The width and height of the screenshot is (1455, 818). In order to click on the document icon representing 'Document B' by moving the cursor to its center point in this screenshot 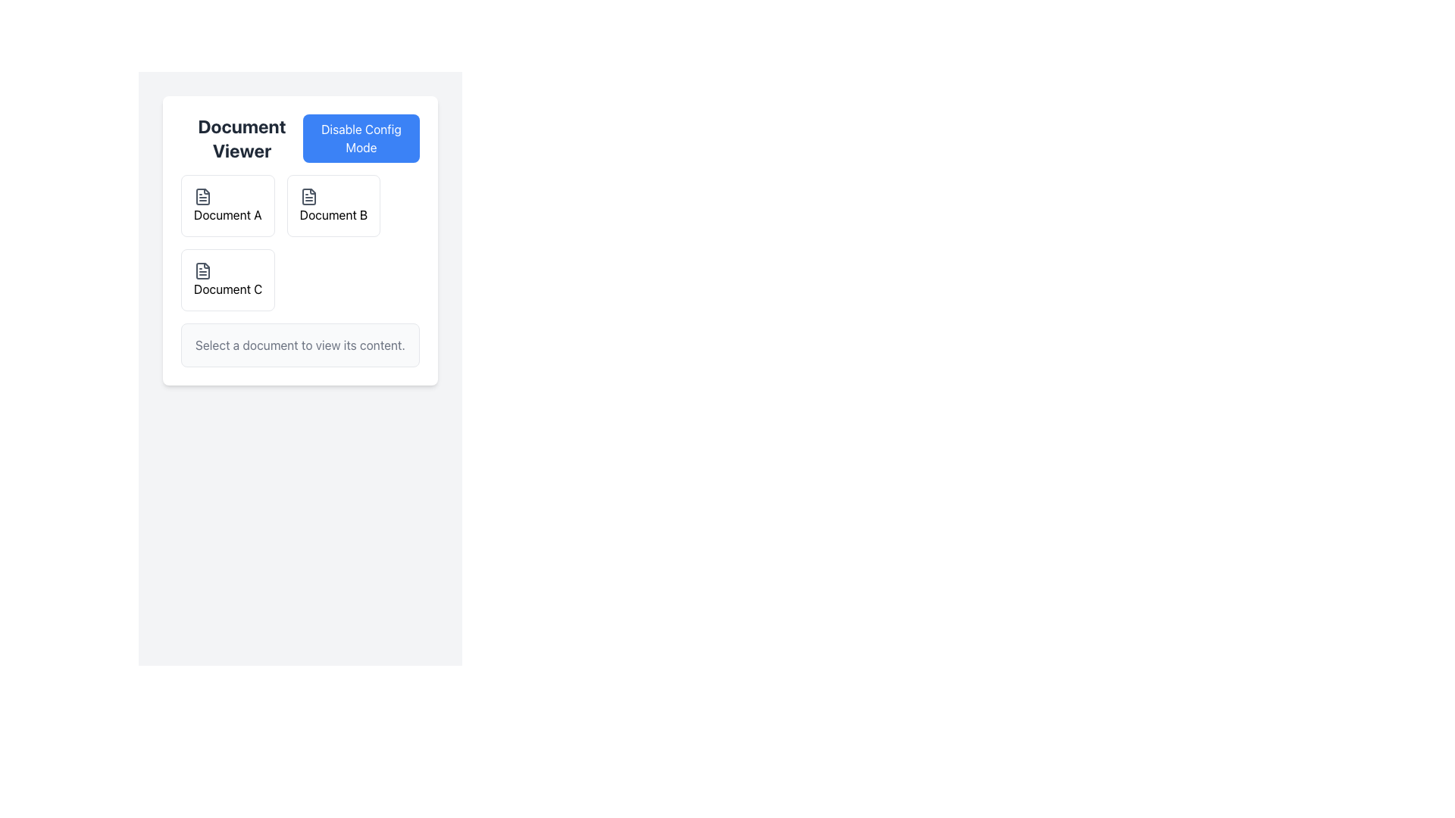, I will do `click(308, 195)`.